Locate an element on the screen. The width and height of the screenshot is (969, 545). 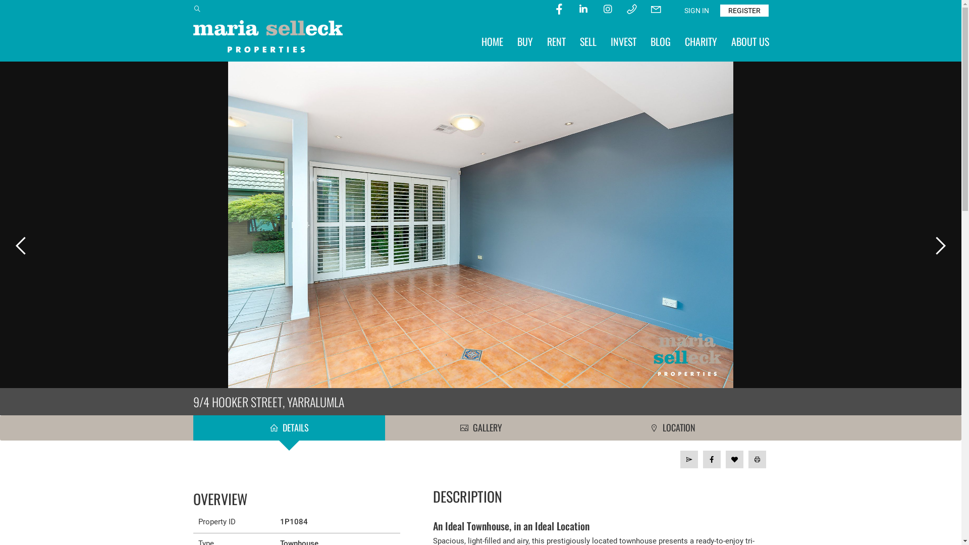
'ABOUT US' is located at coordinates (749, 40).